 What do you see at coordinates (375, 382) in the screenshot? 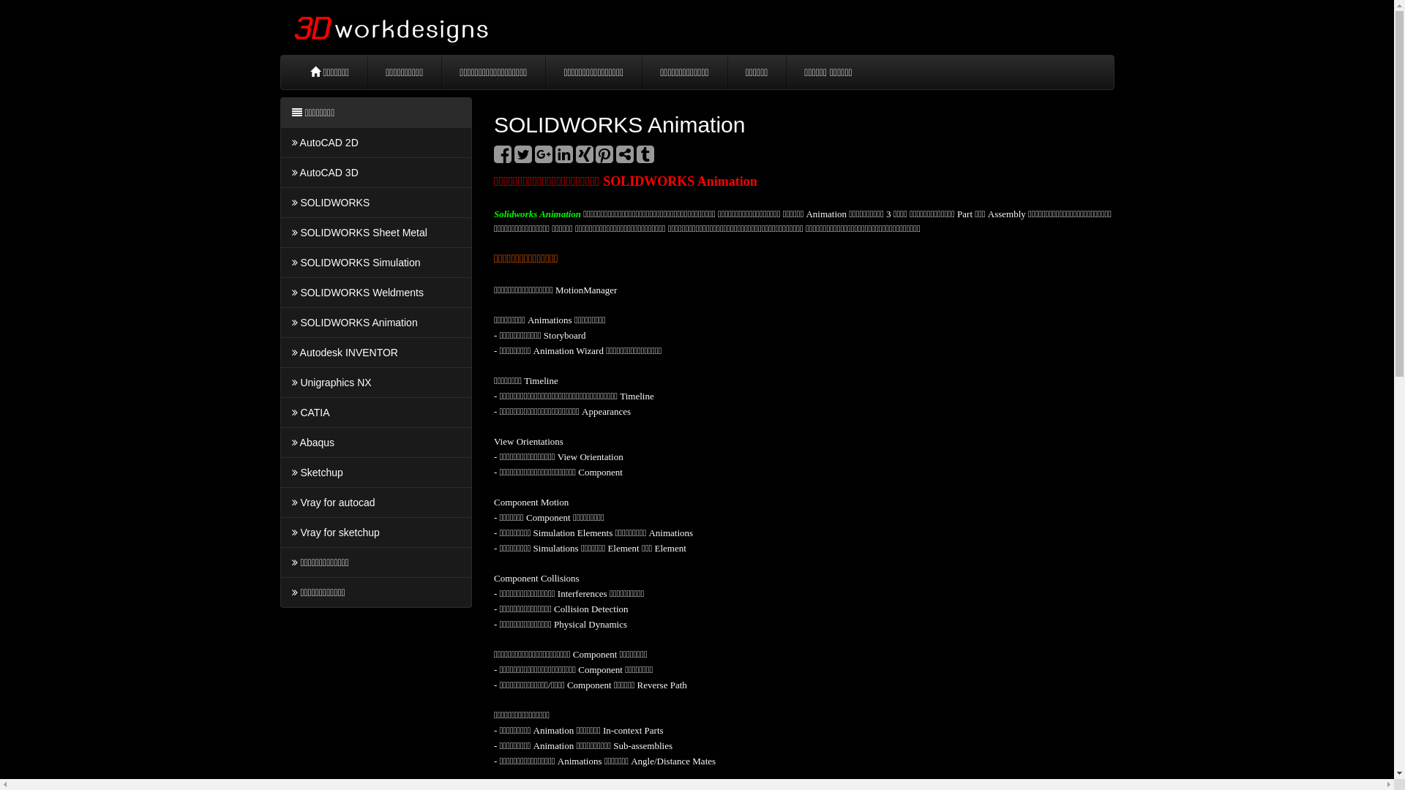
I see `'Unigraphics NX'` at bounding box center [375, 382].